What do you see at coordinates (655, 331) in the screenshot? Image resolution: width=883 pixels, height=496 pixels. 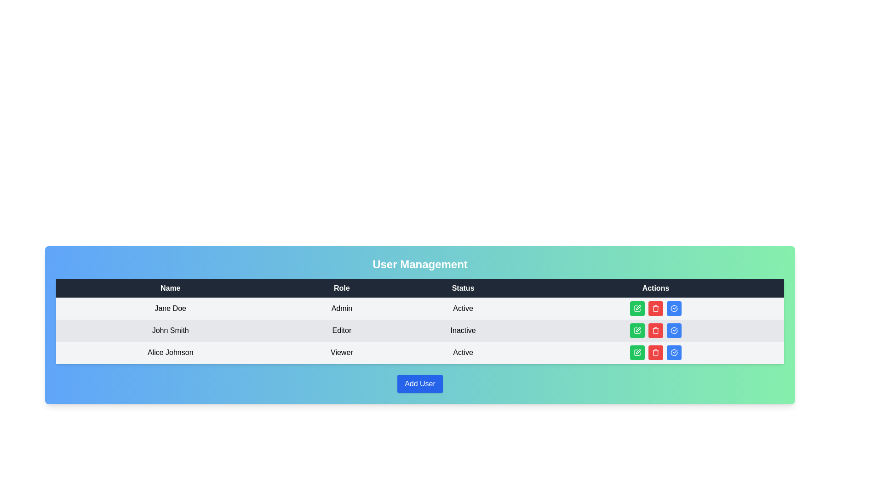 I see `the delete action icon for the user 'John Smith' located in the Actions column of the table` at bounding box center [655, 331].